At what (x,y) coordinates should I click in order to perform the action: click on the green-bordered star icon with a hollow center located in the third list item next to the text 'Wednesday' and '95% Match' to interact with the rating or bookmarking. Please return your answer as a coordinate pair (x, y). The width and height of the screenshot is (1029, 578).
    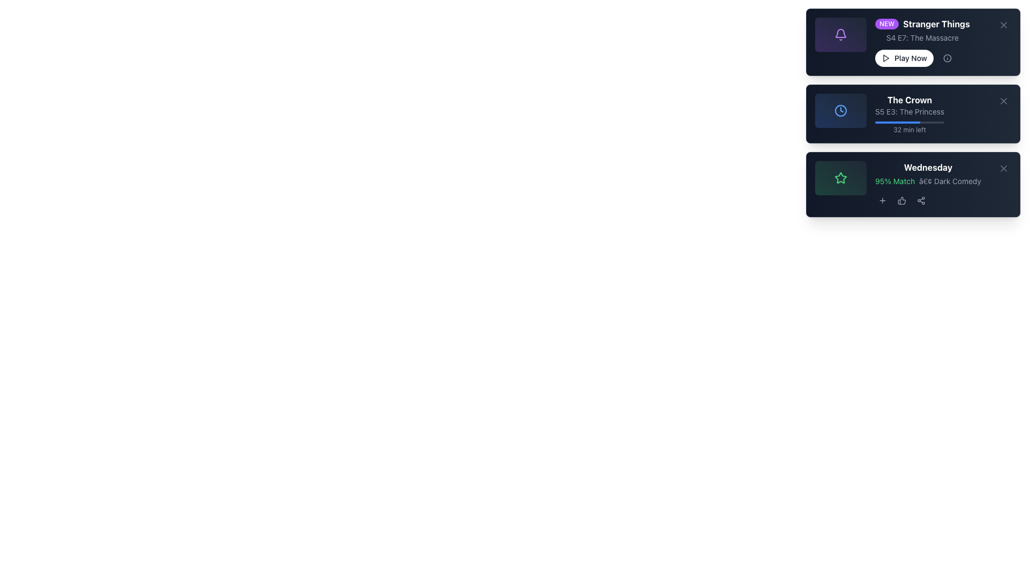
    Looking at the image, I should click on (840, 177).